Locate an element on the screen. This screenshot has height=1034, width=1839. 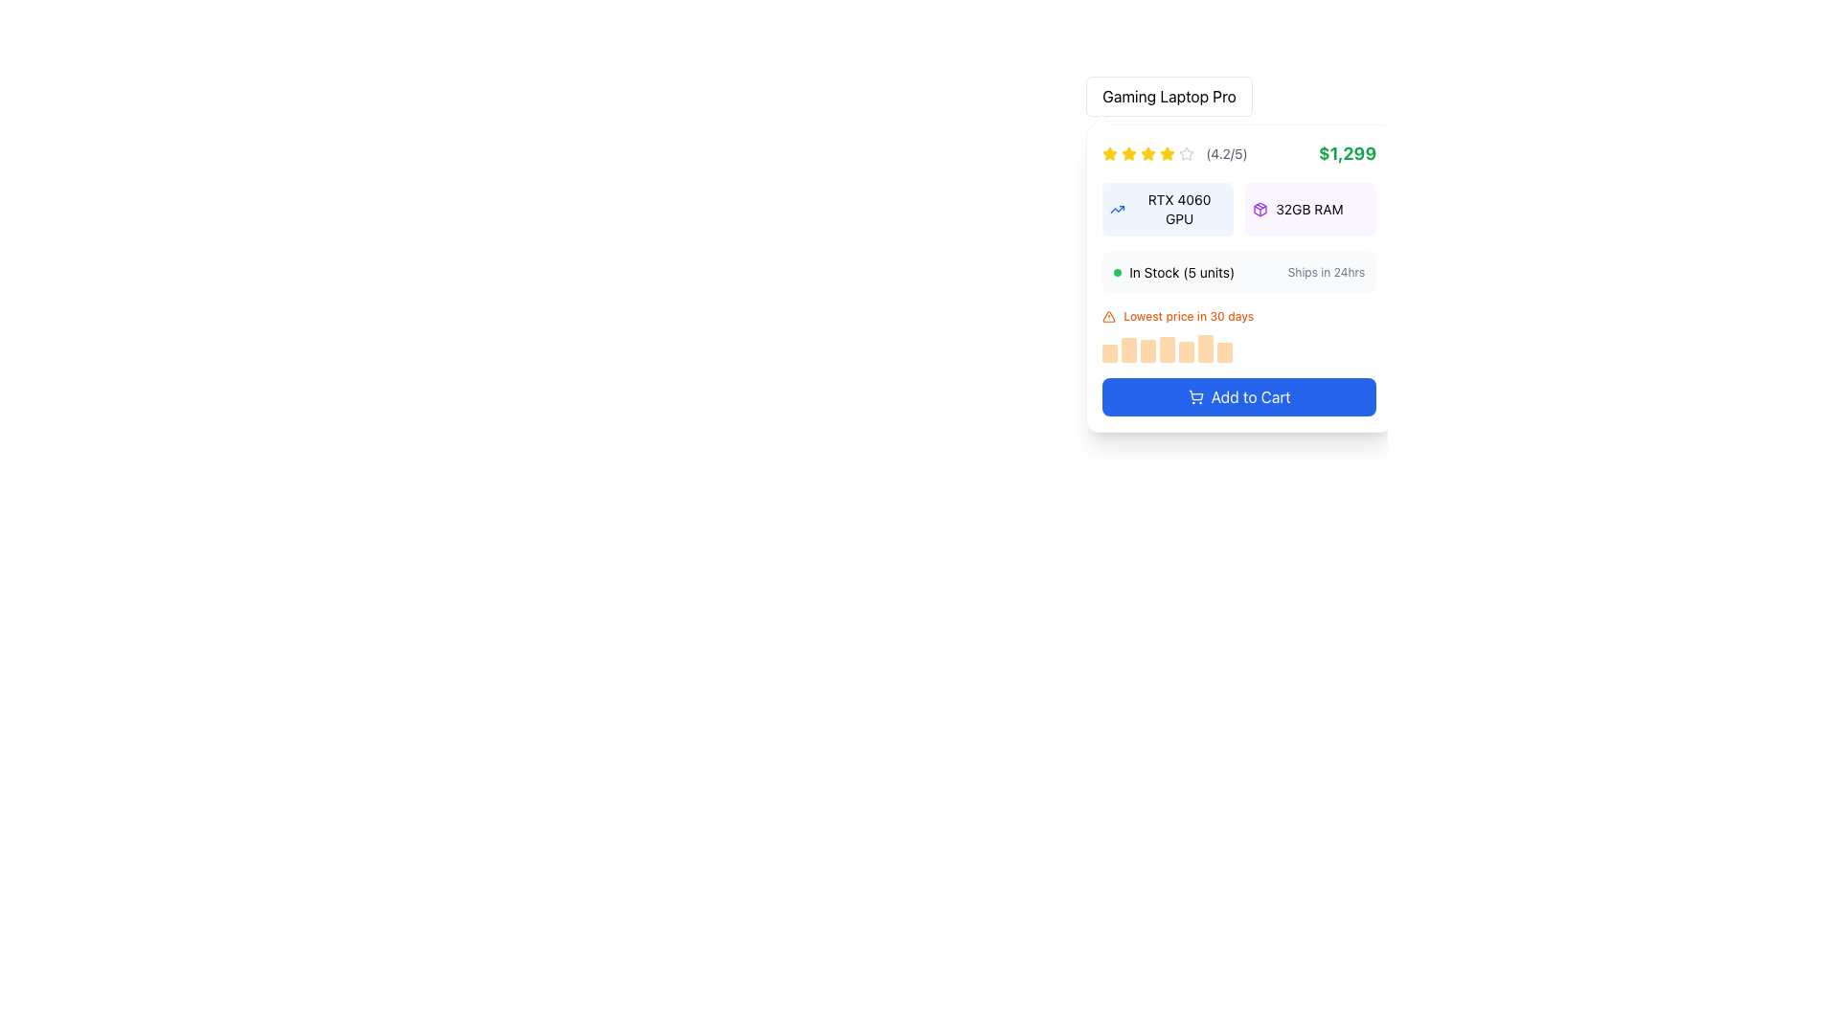
the seventh light orange rectangular bar in a chart, styled as a progress indicator, located under a low prices label is located at coordinates (1224, 352).